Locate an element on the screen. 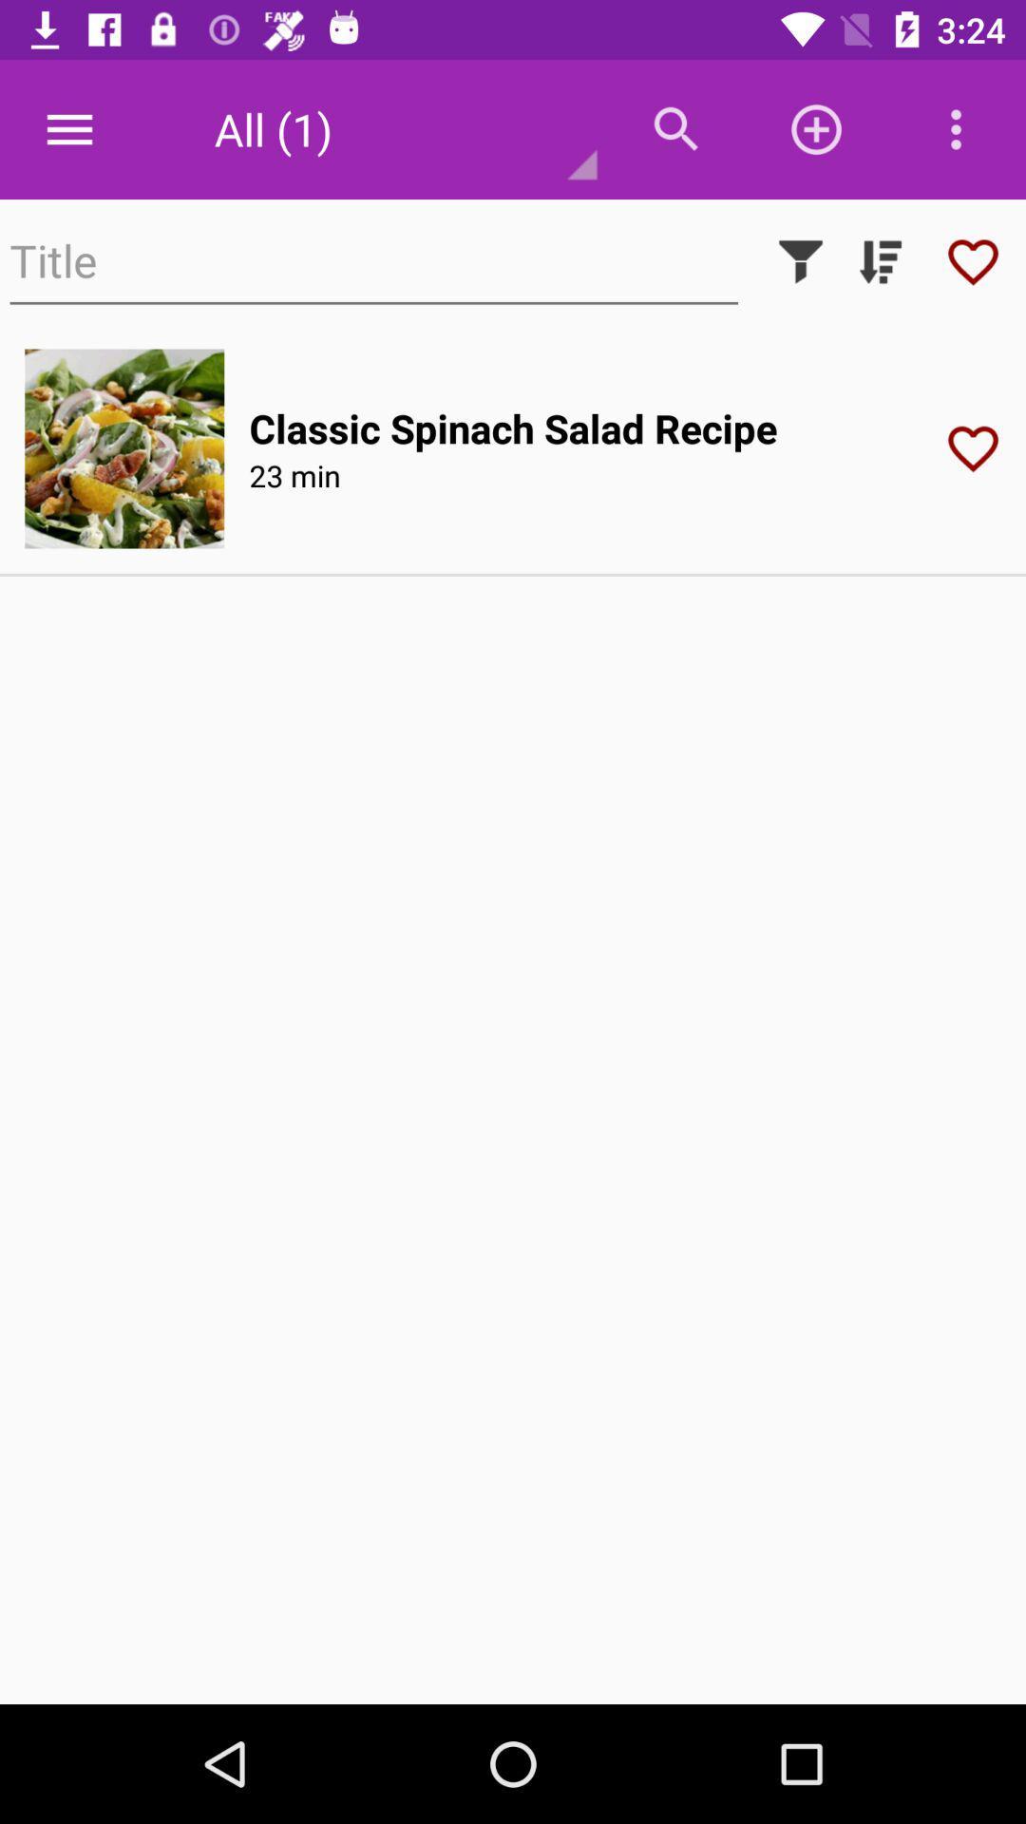  selection filter is located at coordinates (801, 260).